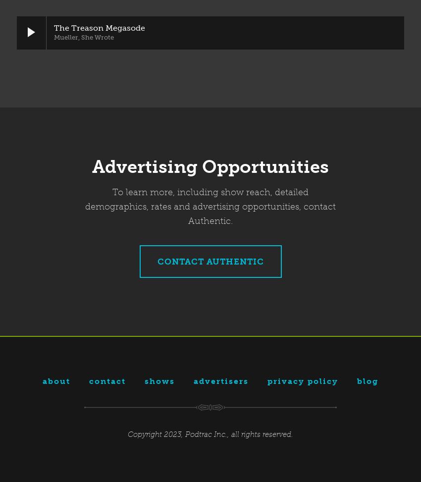  Describe the element at coordinates (84, 36) in the screenshot. I see `'Mueller, She Wrote'` at that location.